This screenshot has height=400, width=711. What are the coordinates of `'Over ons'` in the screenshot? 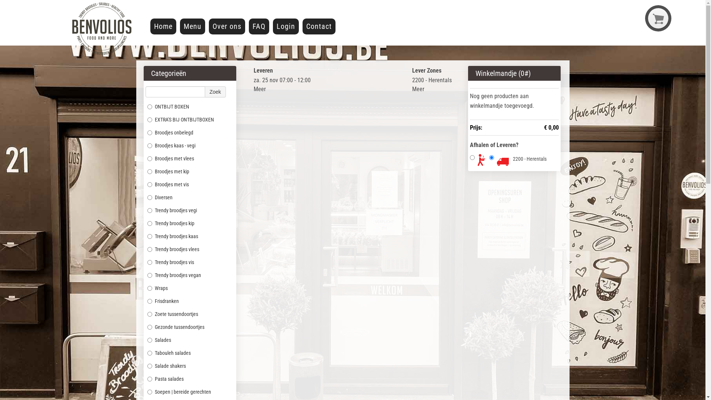 It's located at (227, 26).